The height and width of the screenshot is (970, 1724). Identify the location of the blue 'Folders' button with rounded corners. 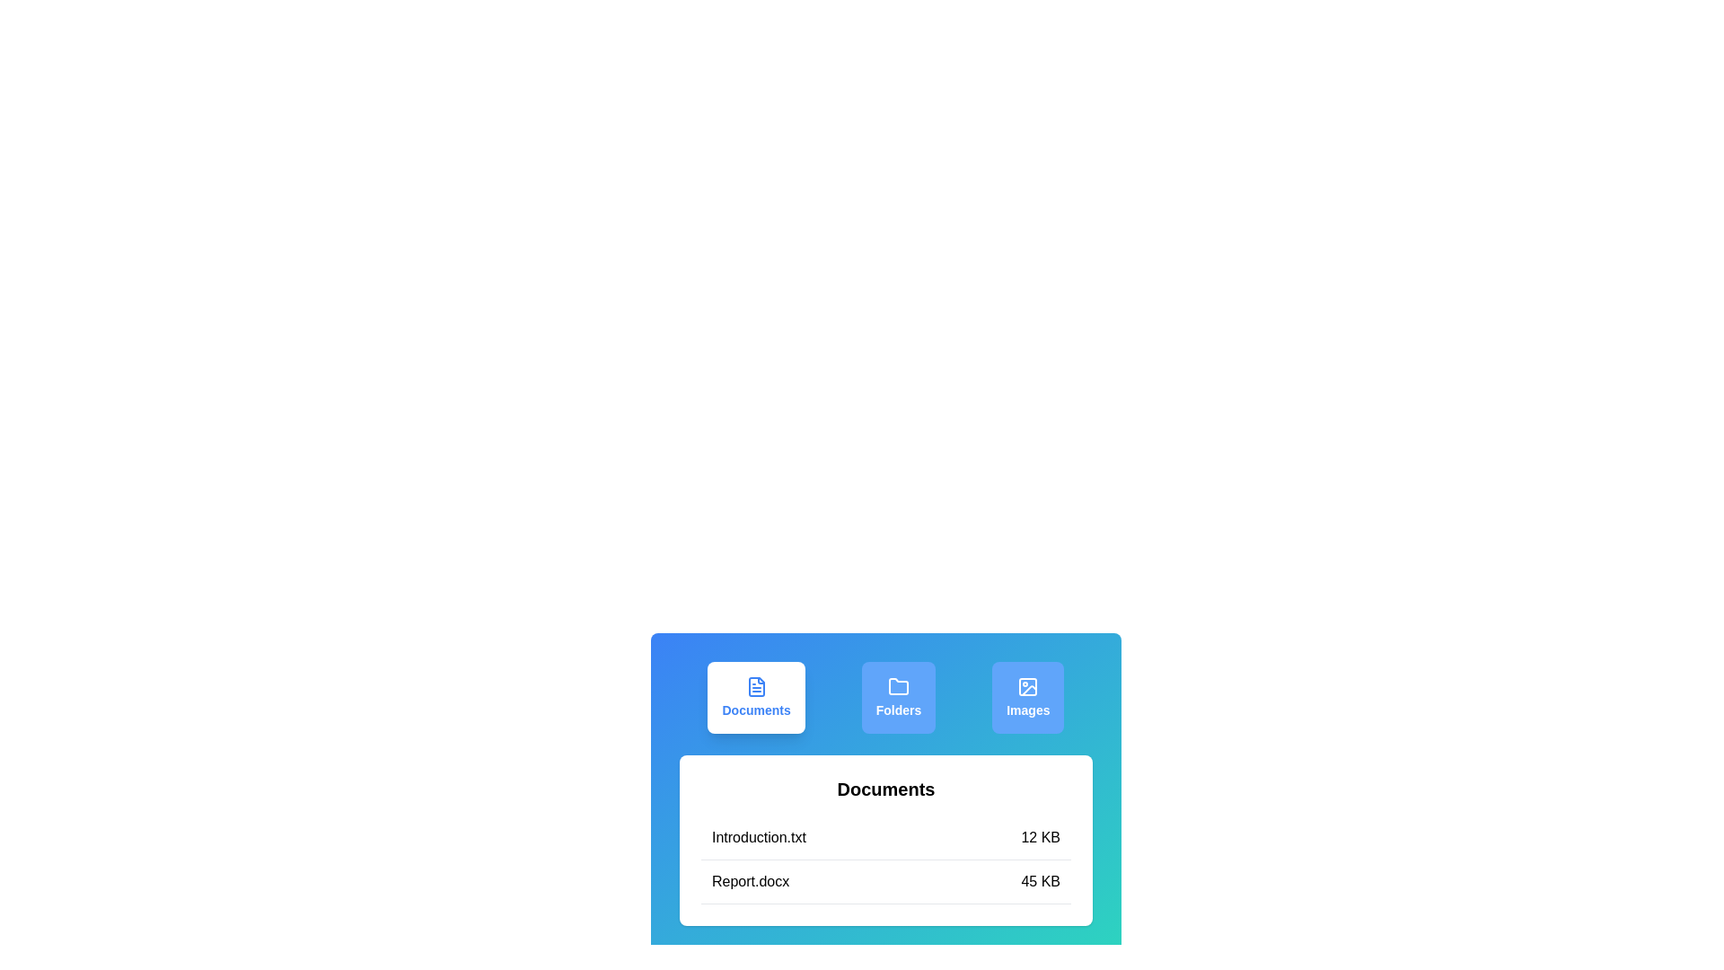
(898, 696).